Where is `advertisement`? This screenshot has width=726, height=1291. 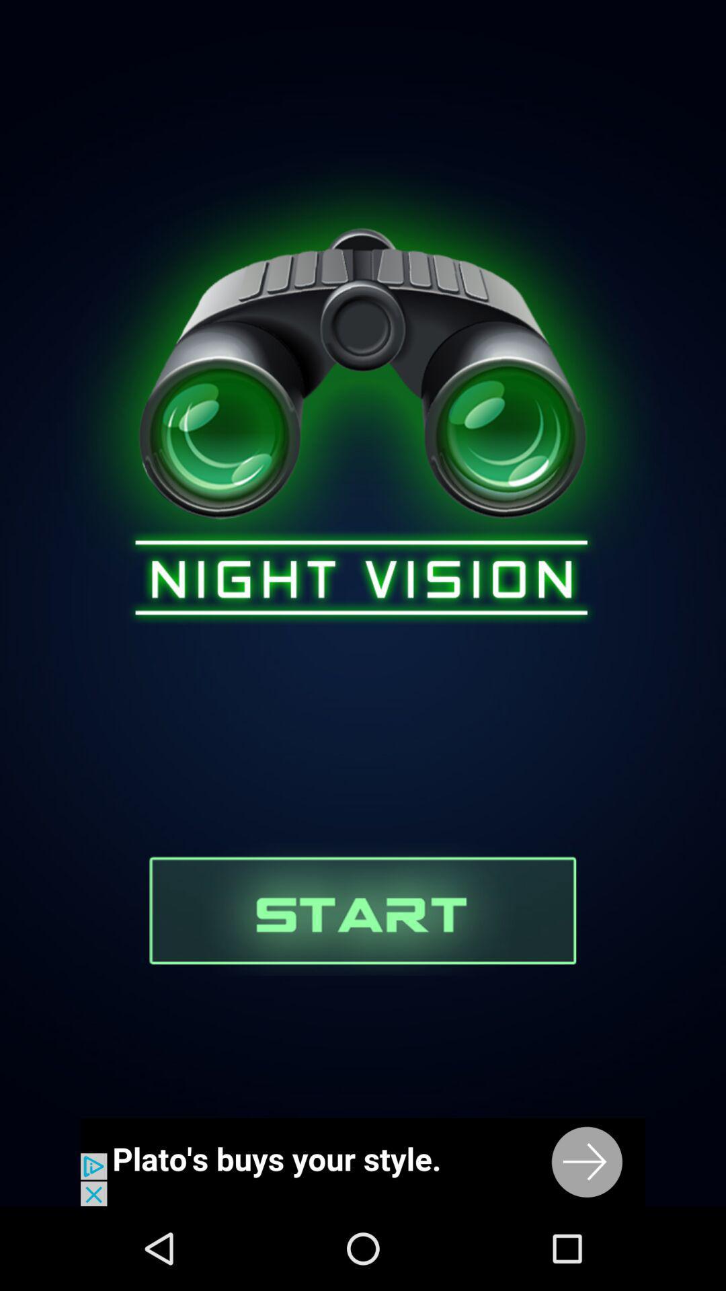
advertisement is located at coordinates (363, 1161).